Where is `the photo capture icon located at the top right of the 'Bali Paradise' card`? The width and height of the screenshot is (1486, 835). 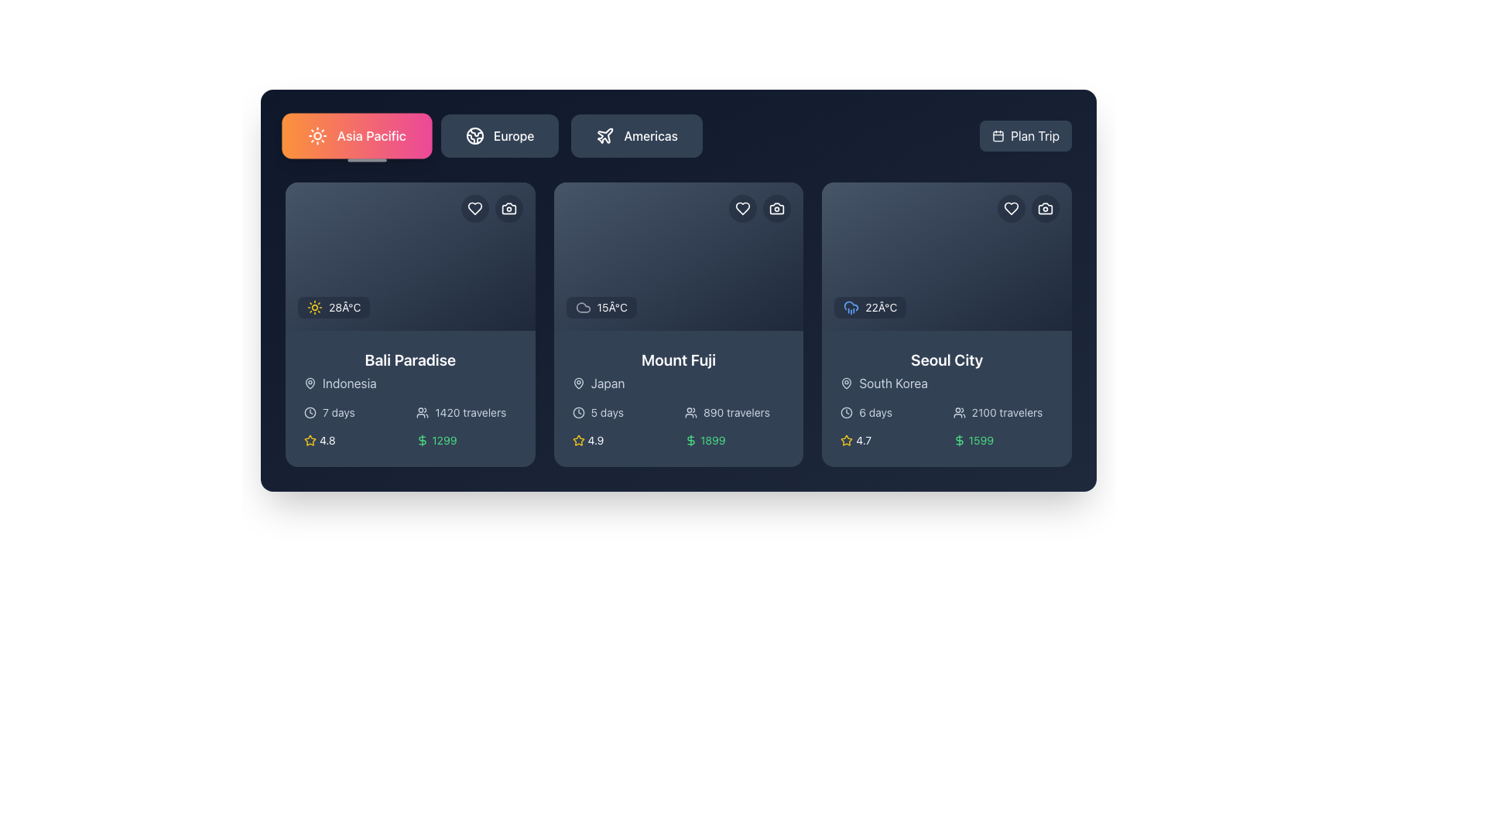
the photo capture icon located at the top right of the 'Bali Paradise' card is located at coordinates (508, 209).